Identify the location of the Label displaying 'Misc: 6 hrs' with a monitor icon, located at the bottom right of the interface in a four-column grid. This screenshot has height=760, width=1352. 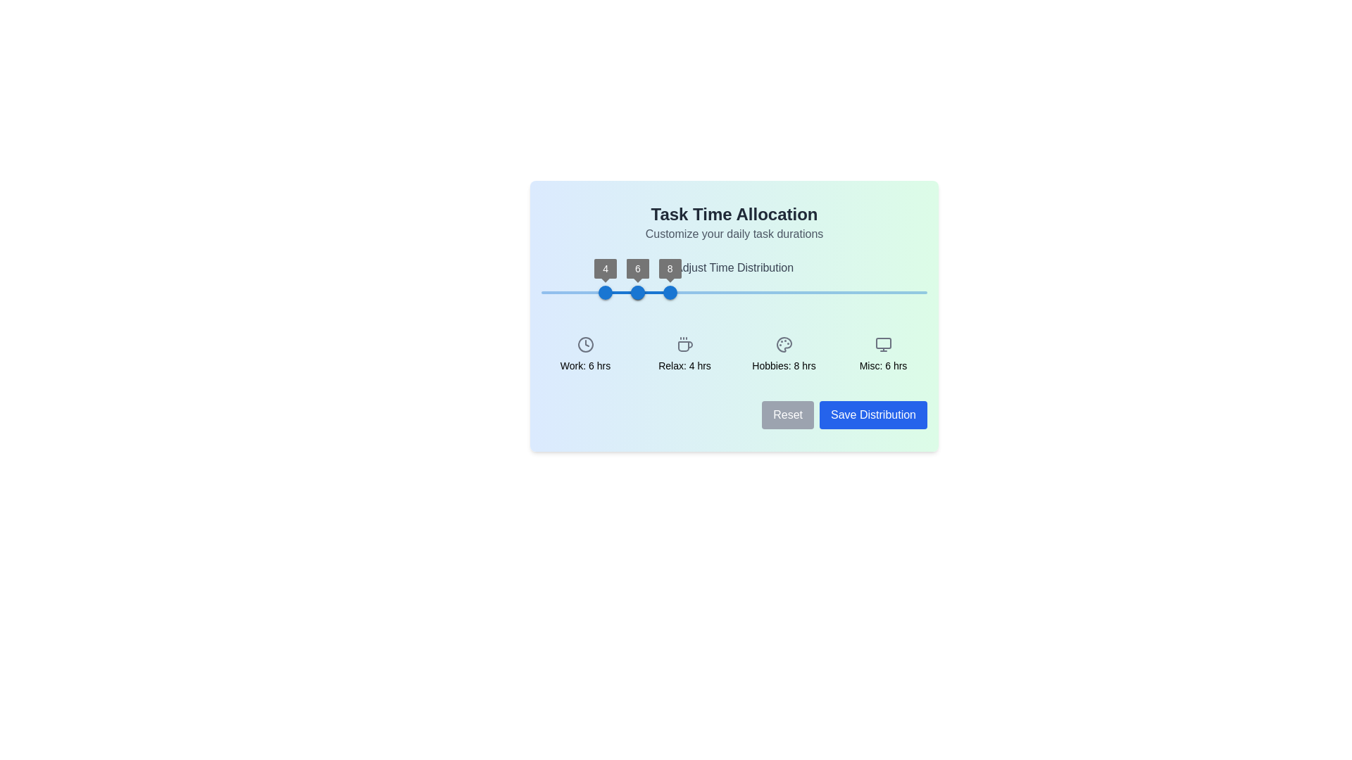
(882, 354).